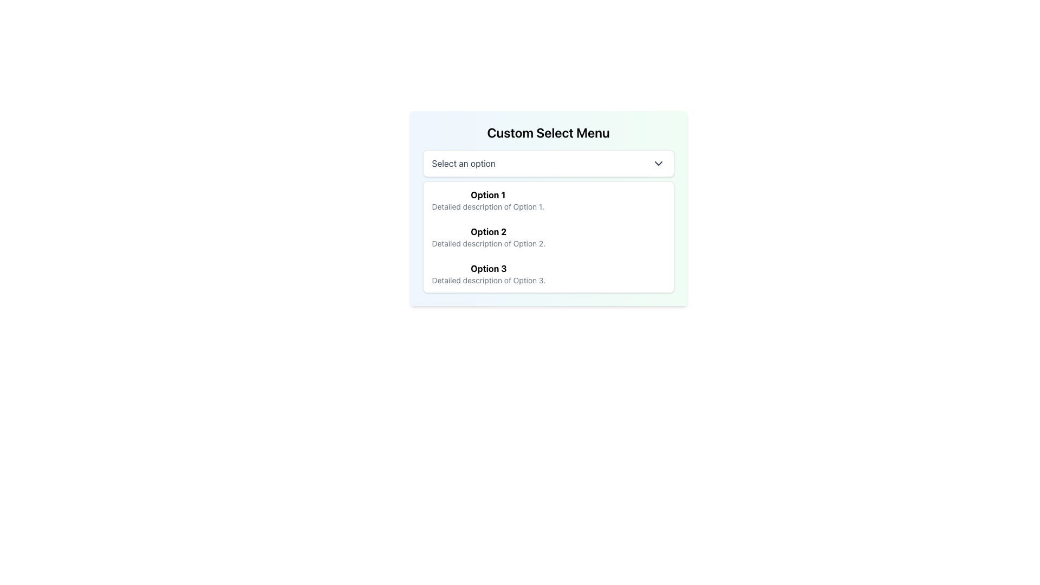  Describe the element at coordinates (548, 209) in the screenshot. I see `the 'Custom Select Menu' dropdown` at that location.